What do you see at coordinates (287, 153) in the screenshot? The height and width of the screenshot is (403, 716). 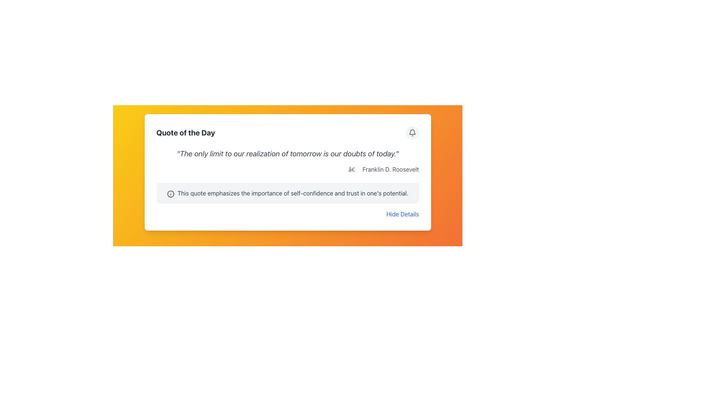 I see `the Static Text displaying the motivational quote, which is located below the title 'Quote of the Day' and above the attribution 'Franklin D. Roosevelt'` at bounding box center [287, 153].